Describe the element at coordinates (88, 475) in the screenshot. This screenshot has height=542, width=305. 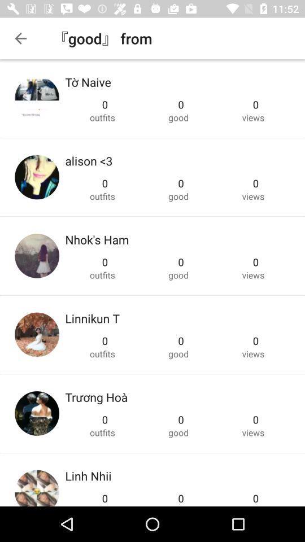
I see `the linh nhii` at that location.